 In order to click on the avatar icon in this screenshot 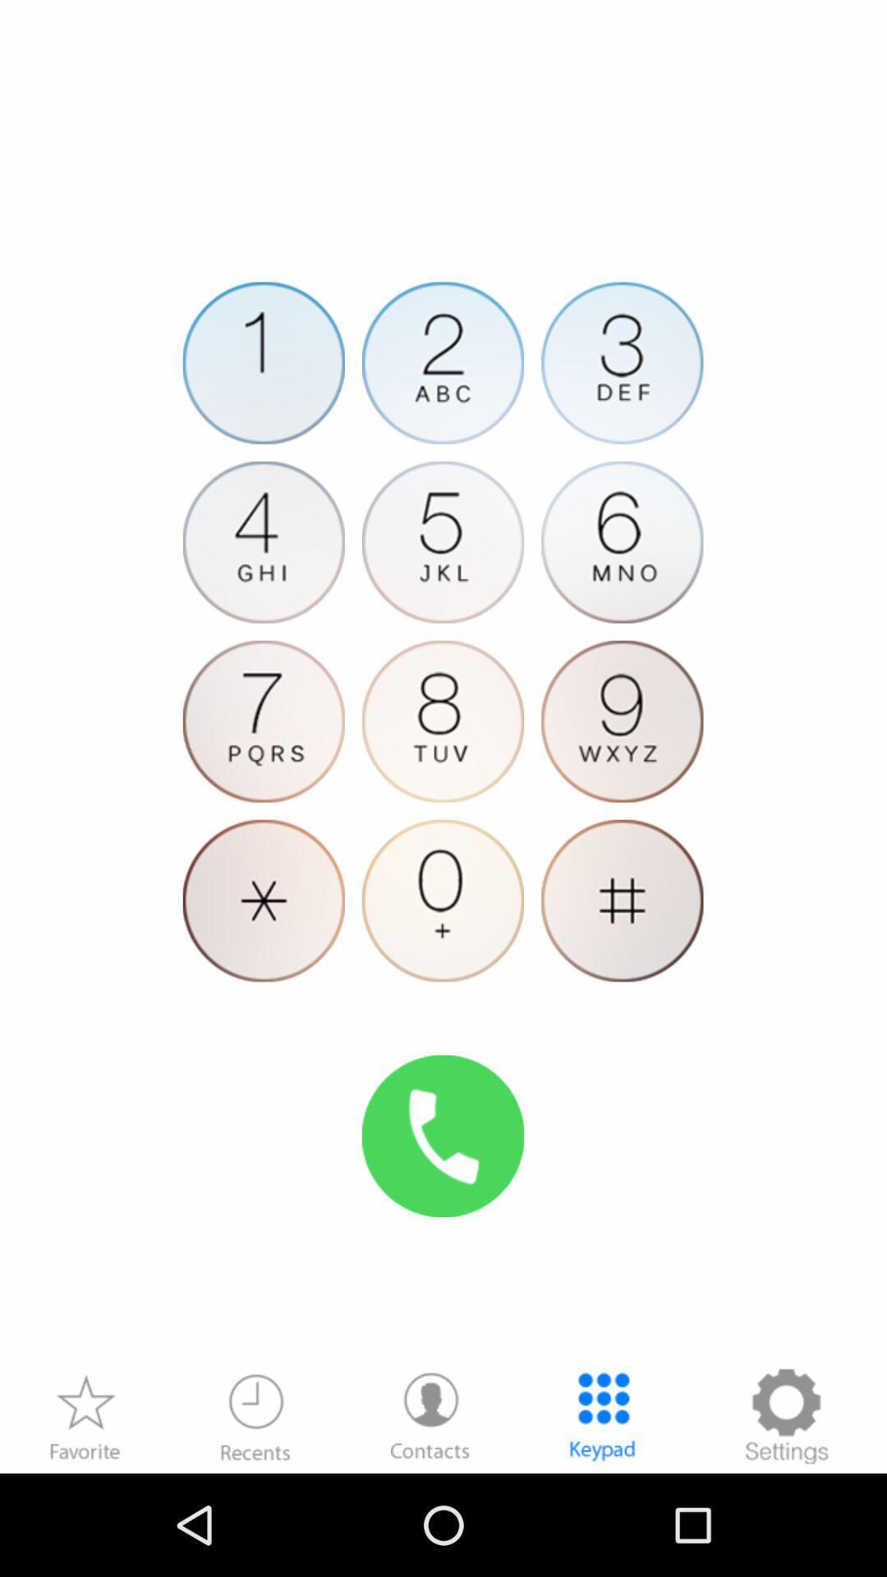, I will do `click(430, 1515)`.